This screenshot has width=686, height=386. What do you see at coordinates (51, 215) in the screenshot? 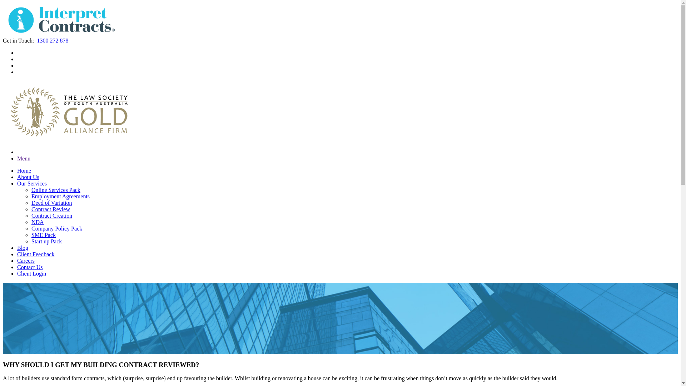
I see `'Contract Creation'` at bounding box center [51, 215].